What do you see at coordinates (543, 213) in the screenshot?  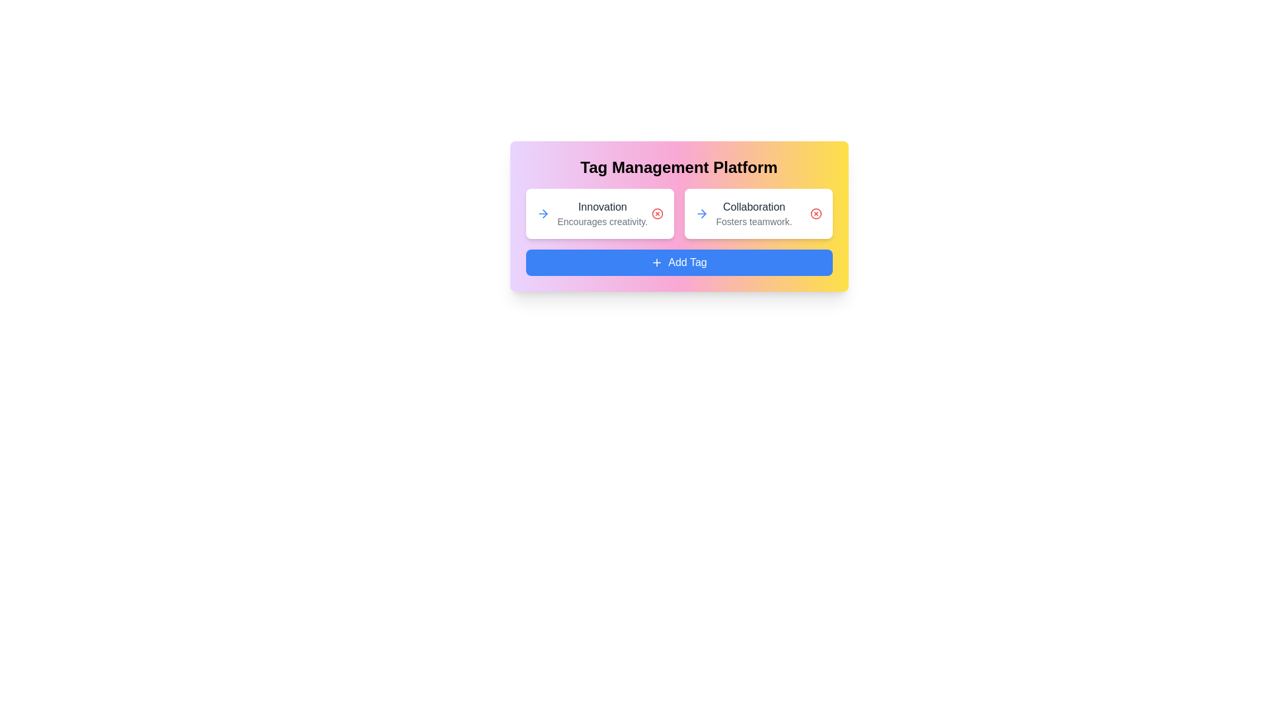 I see `the arrow icon for the tag Innovation` at bounding box center [543, 213].